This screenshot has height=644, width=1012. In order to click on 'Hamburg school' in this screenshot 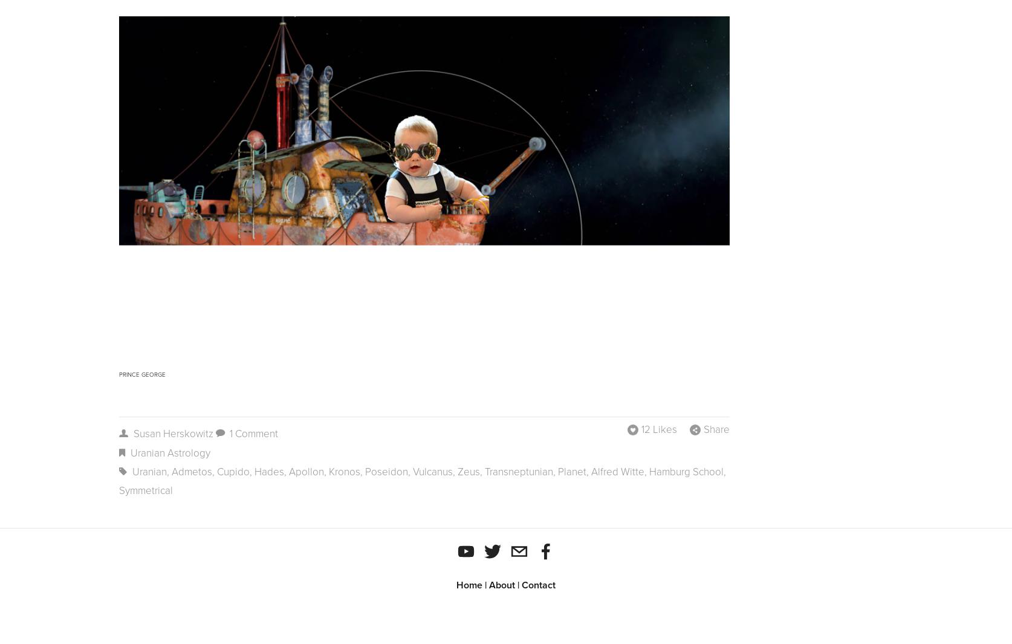, I will do `click(686, 472)`.